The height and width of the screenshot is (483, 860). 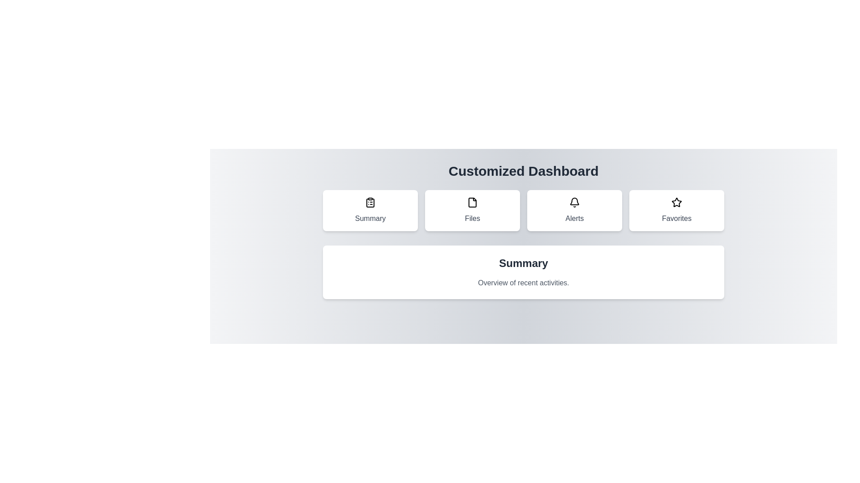 What do you see at coordinates (524, 210) in the screenshot?
I see `the grid sections of the navigation hub located beneath 'Customized Dashboard'` at bounding box center [524, 210].